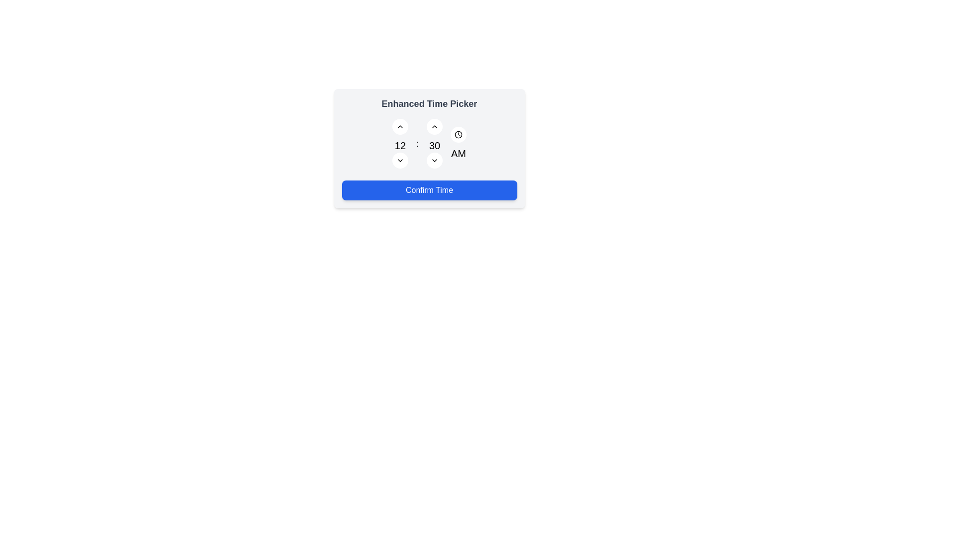  What do you see at coordinates (458, 144) in the screenshot?
I see `the text label displaying 'AM' located below the circular clock icon in the time selection component` at bounding box center [458, 144].